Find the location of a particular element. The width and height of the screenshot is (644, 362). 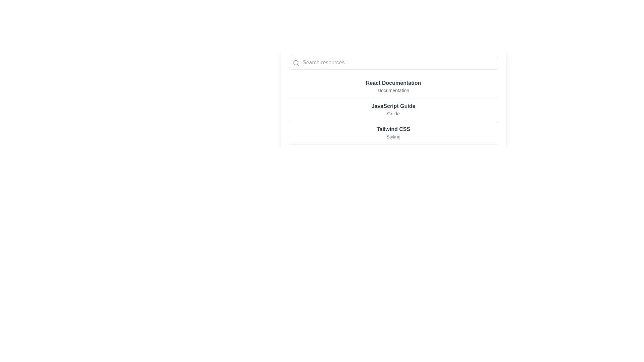

the second list item labeled 'JavaScript Guide' is located at coordinates (393, 109).